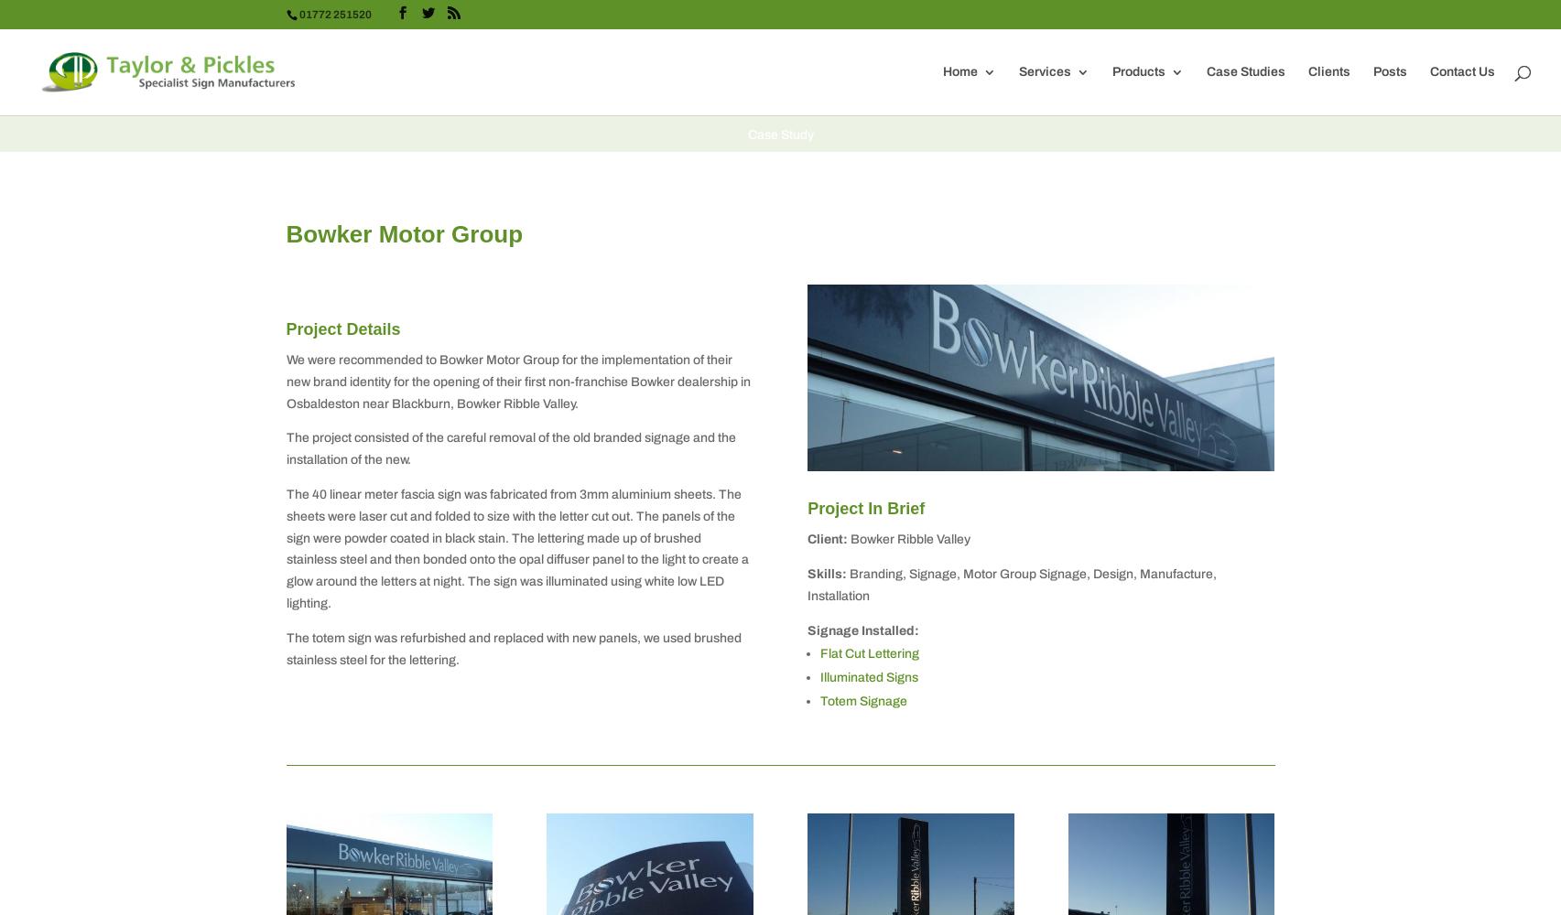 The height and width of the screenshot is (915, 1561). What do you see at coordinates (341, 328) in the screenshot?
I see `'Project Details'` at bounding box center [341, 328].